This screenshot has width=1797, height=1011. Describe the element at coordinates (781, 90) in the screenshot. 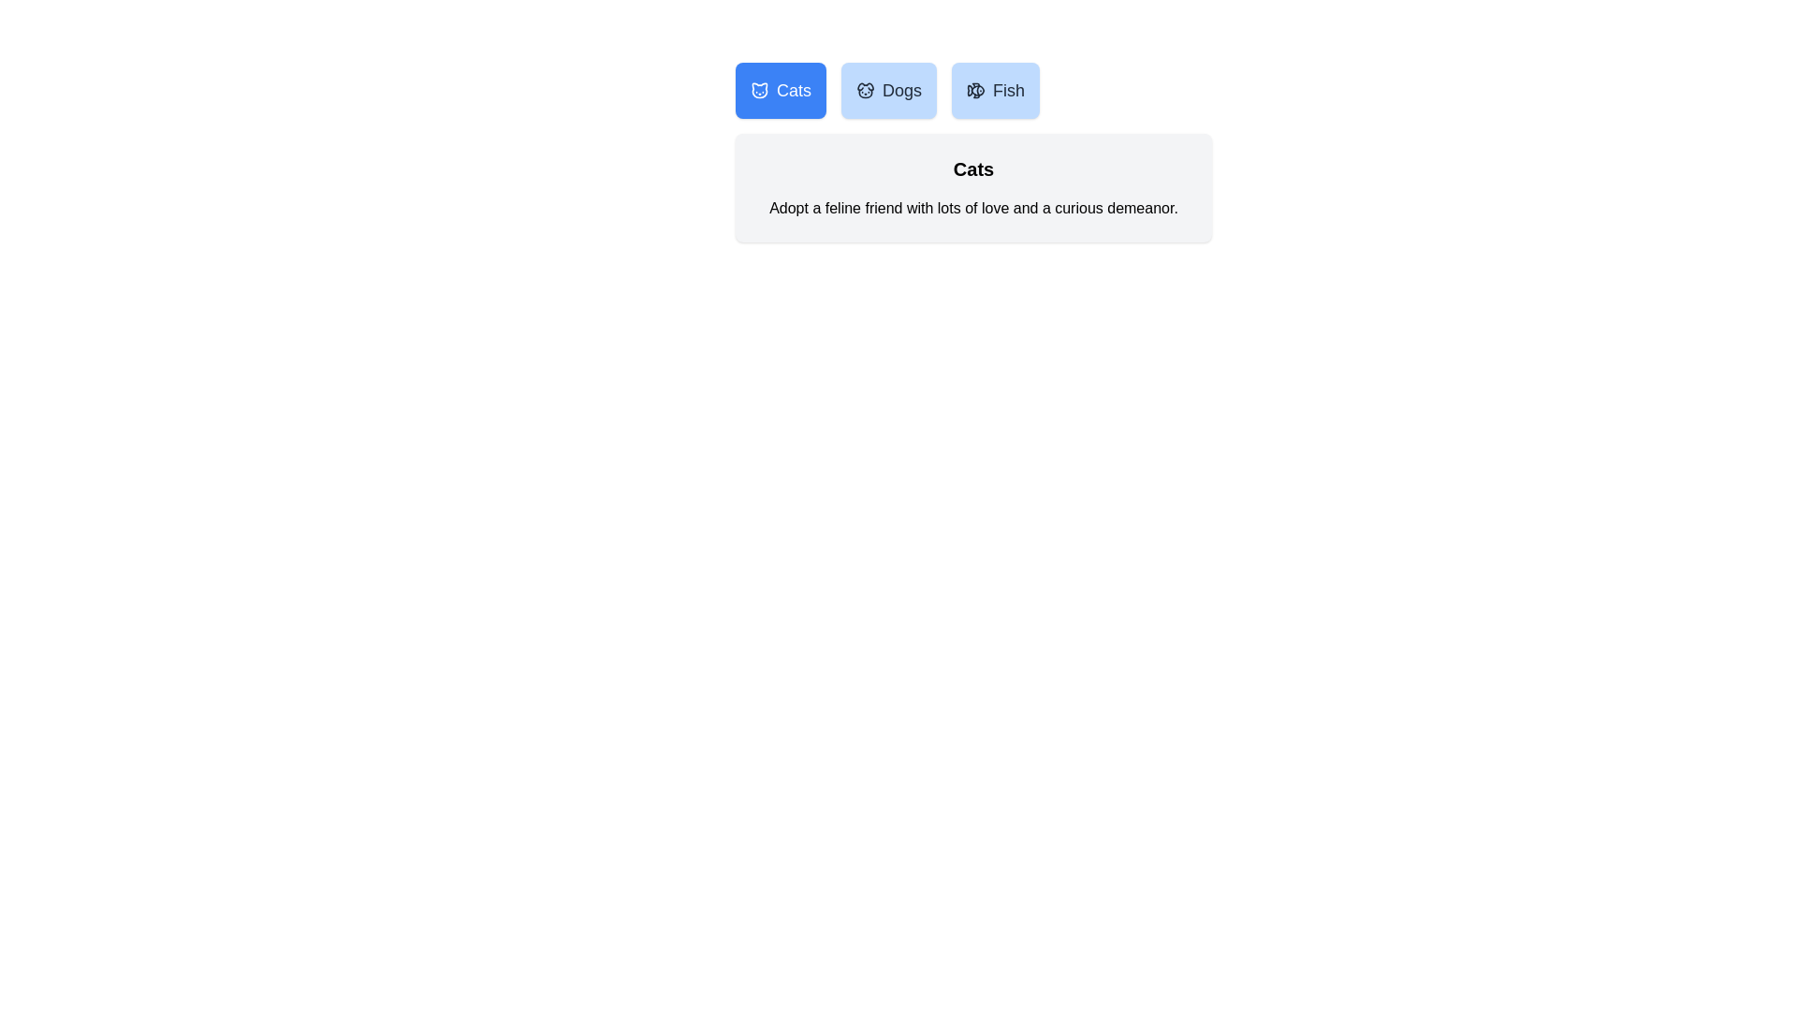

I see `the Cats tab by clicking on it` at that location.